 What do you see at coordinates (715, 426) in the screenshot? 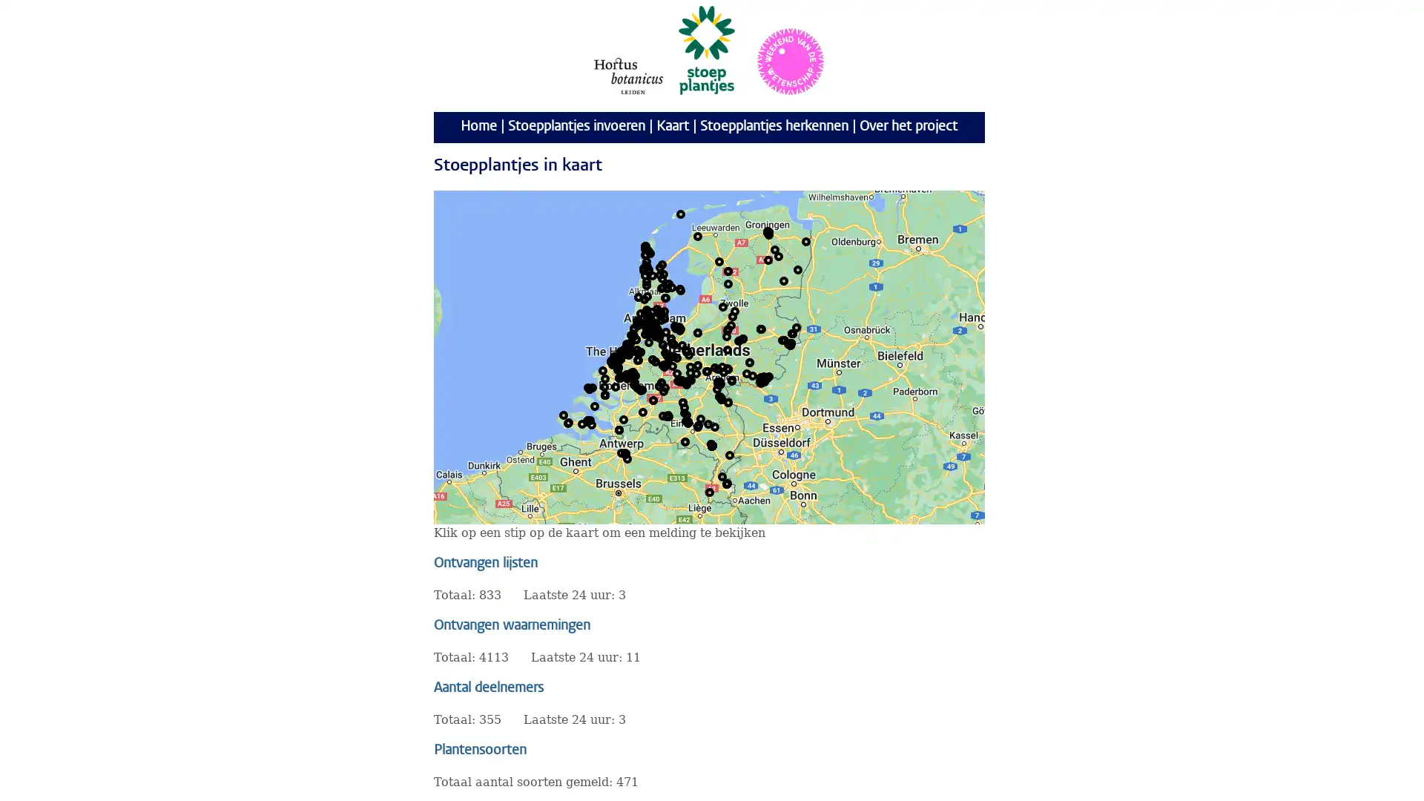
I see `Telling van Rene van Deutekom op 15 oktober 2021` at bounding box center [715, 426].